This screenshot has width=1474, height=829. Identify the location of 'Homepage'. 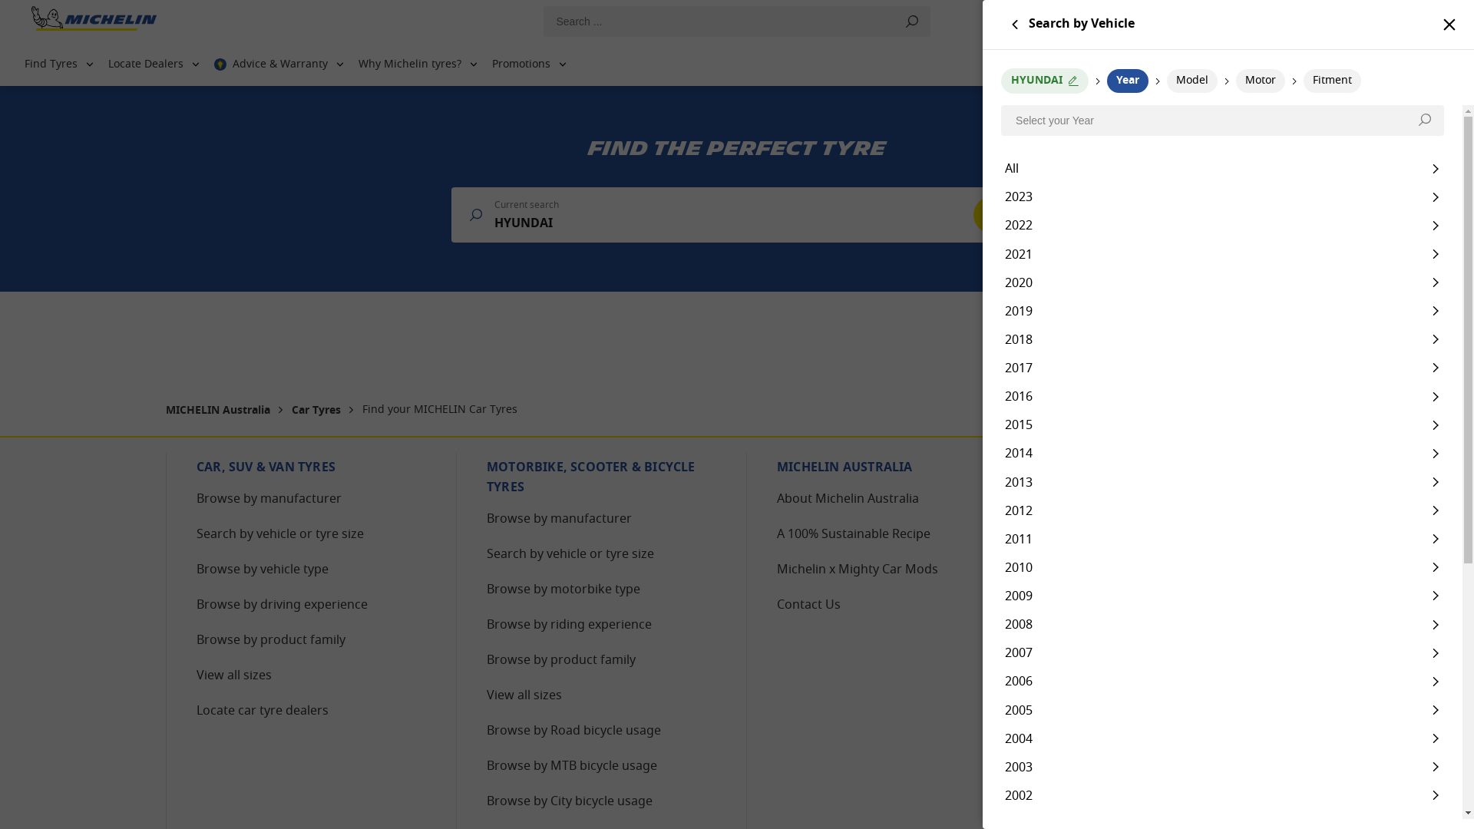
(93, 21).